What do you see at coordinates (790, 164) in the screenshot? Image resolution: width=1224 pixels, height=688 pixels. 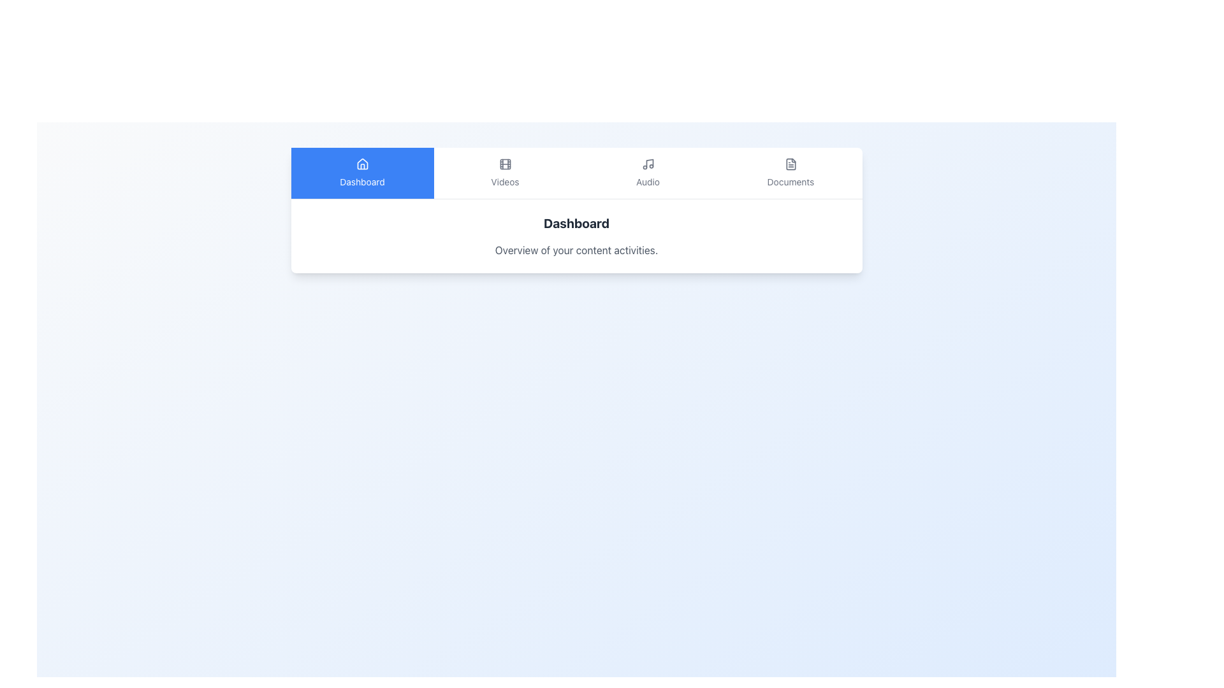 I see `the 'Documents' icon located on the upper navigation bar` at bounding box center [790, 164].